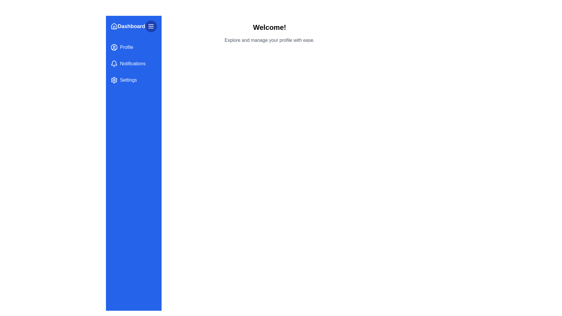 This screenshot has height=316, width=562. What do you see at coordinates (114, 64) in the screenshot?
I see `the bell SVG icon in the sidebar menu that represents notifications` at bounding box center [114, 64].